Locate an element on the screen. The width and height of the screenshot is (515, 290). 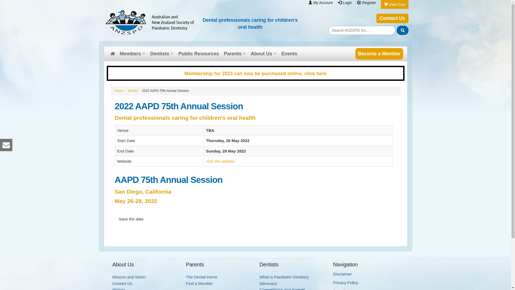
'ANZSPD Inc Email Us' is located at coordinates (6, 145).